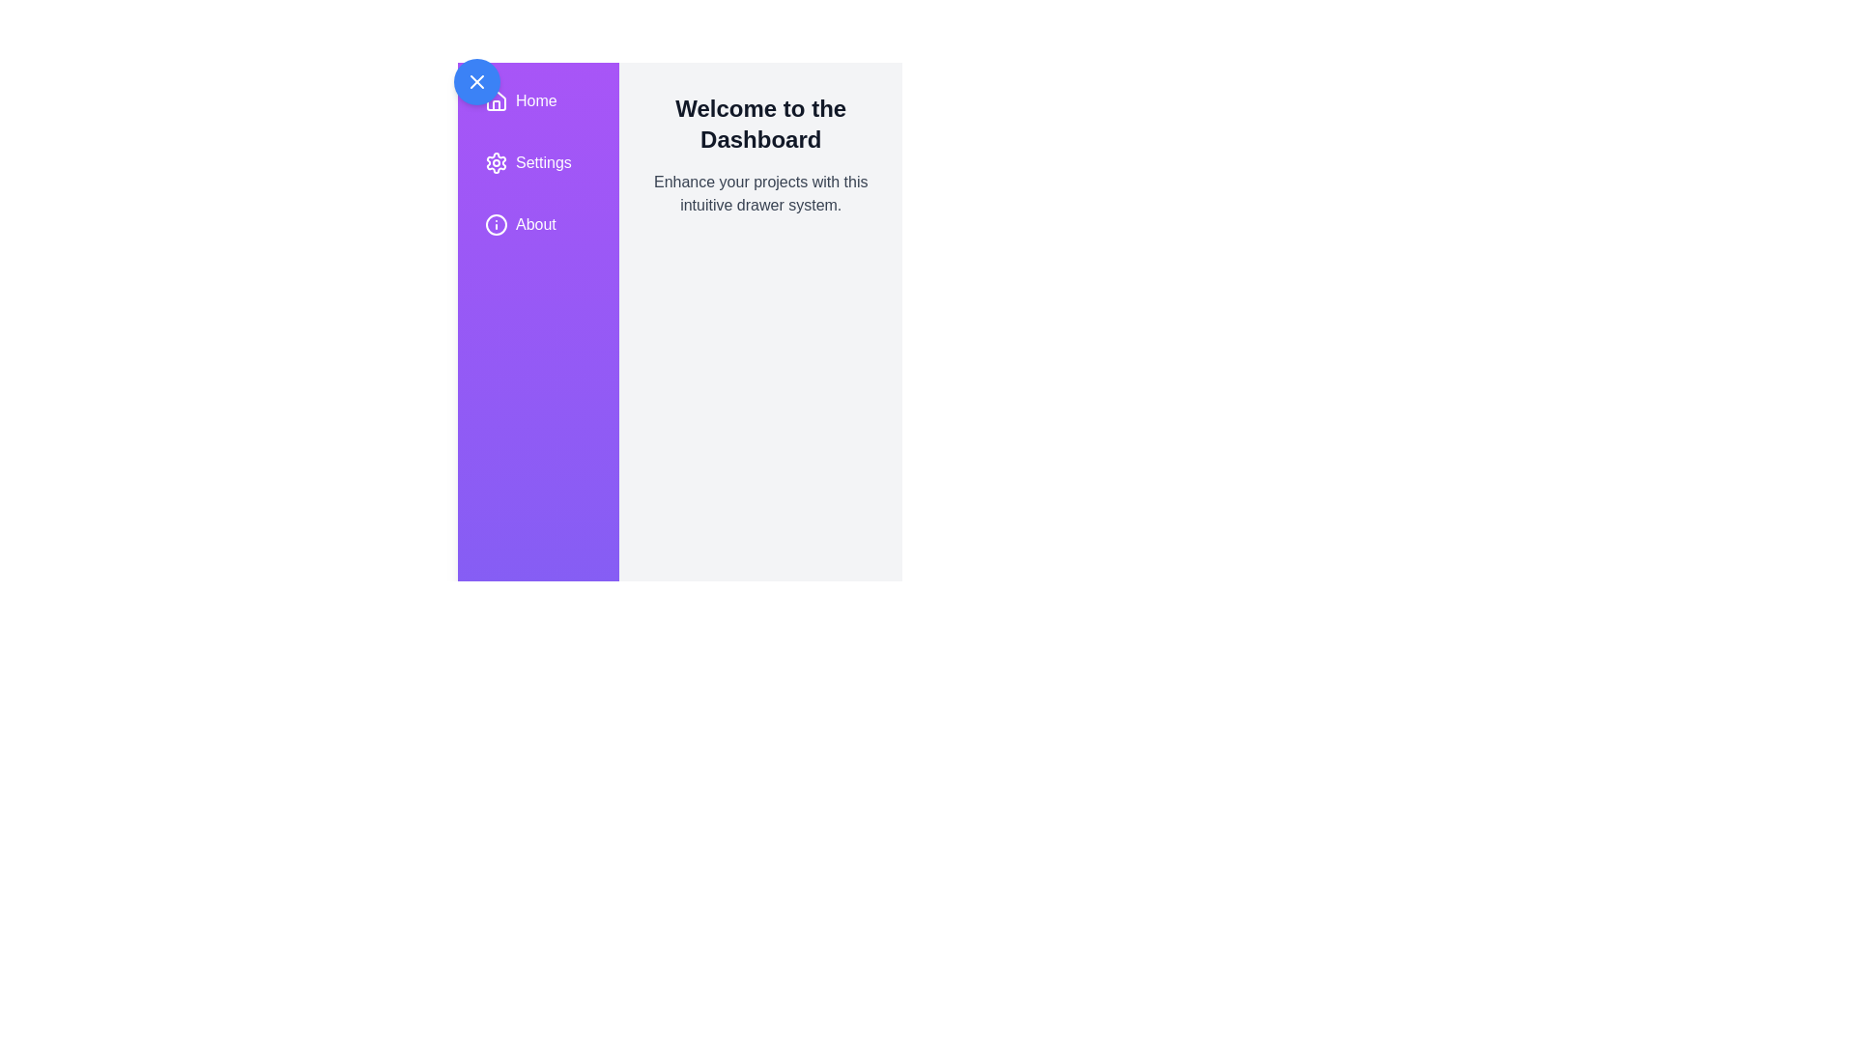 This screenshot has width=1855, height=1043. Describe the element at coordinates (537, 223) in the screenshot. I see `the menu item labeled About to navigate to the corresponding section` at that location.